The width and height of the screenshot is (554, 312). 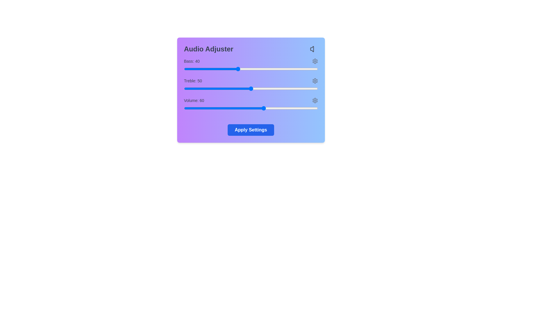 What do you see at coordinates (199, 69) in the screenshot?
I see `the bass level` at bounding box center [199, 69].